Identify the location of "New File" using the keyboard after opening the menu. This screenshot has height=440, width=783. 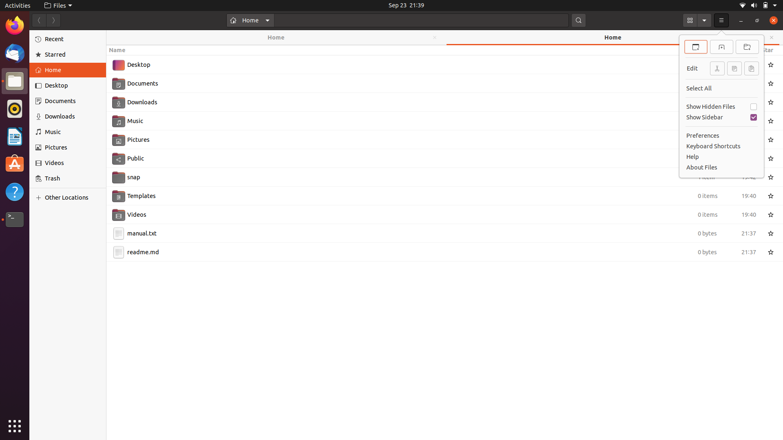
(721, 20).